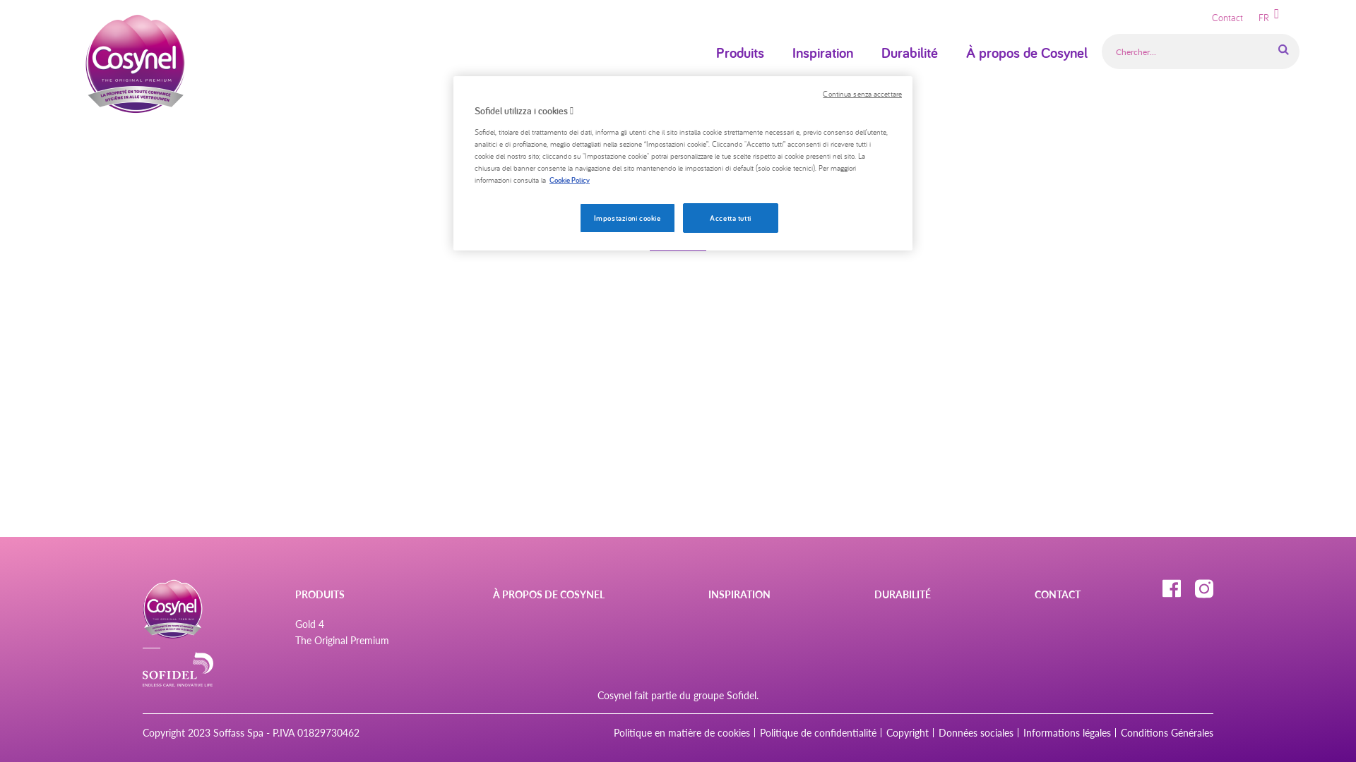 The height and width of the screenshot is (762, 1356). I want to click on 'Inspiration', so click(778, 52).